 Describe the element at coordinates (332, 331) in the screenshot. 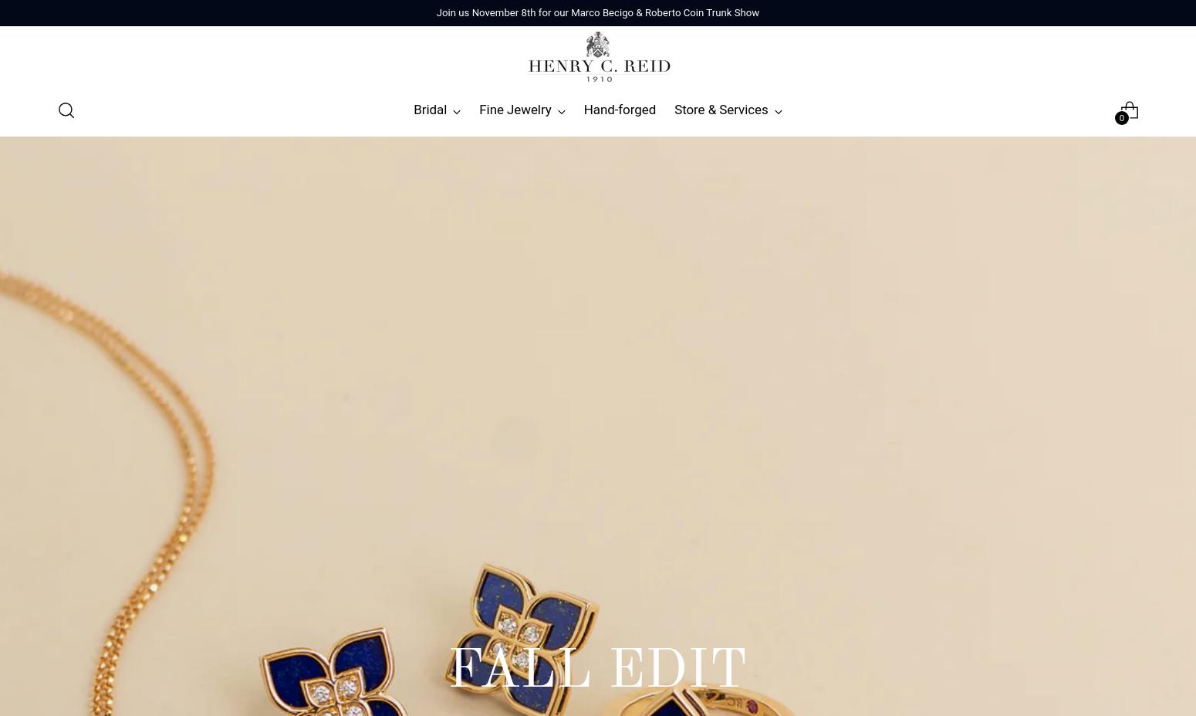

I see `'Marco Bicego'` at that location.